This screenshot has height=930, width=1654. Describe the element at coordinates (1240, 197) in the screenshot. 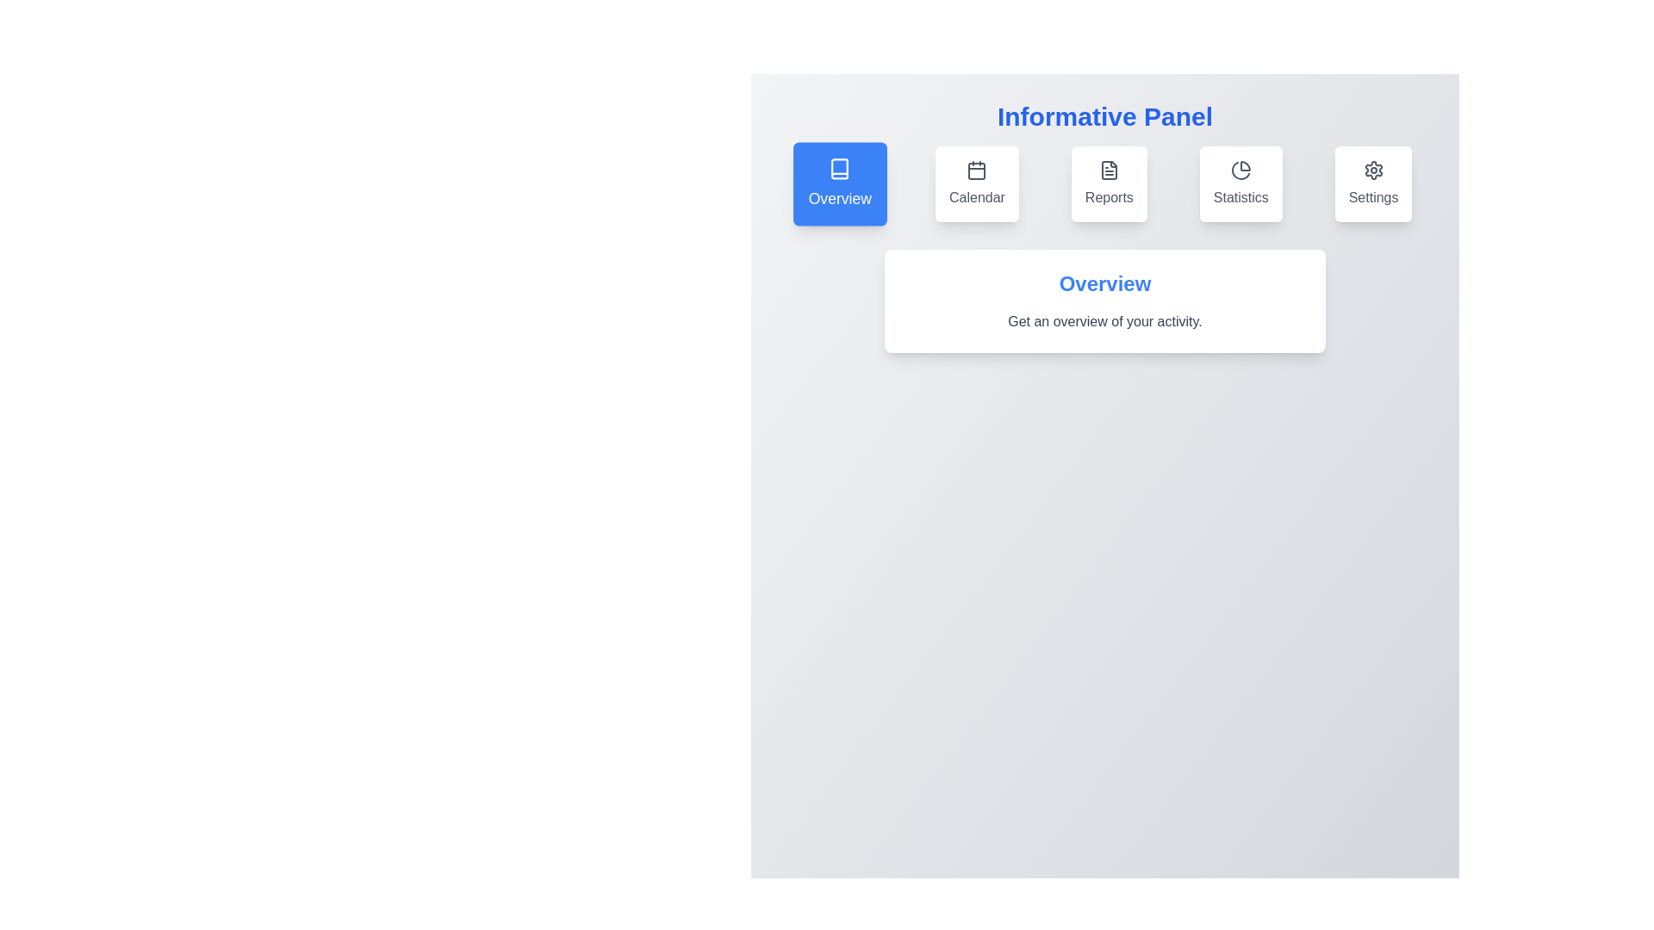

I see `the 'Statistics' text label, which is located below the pie chart icon in the third box from the left in the upper section of the interface` at that location.